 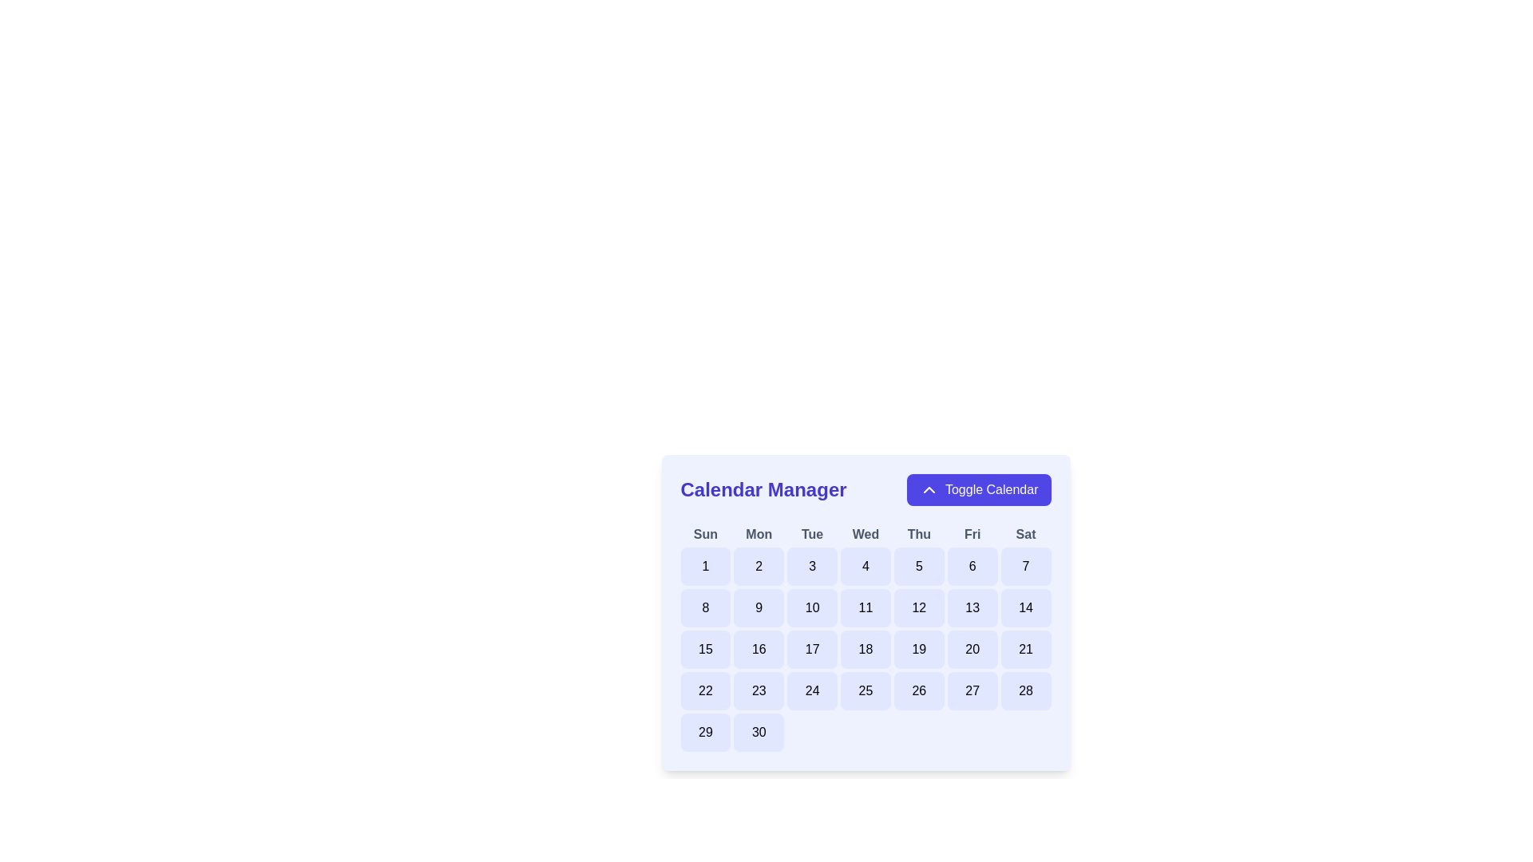 I want to click on the button that represents the date '15' in the calendar interface, so click(x=704, y=649).